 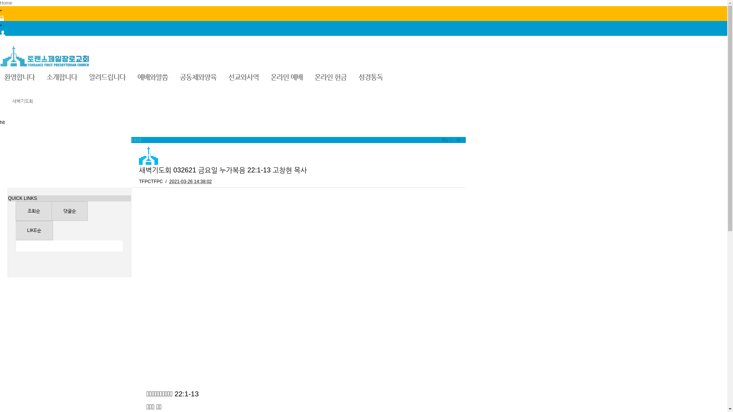 I want to click on '1816', so click(x=131, y=140).